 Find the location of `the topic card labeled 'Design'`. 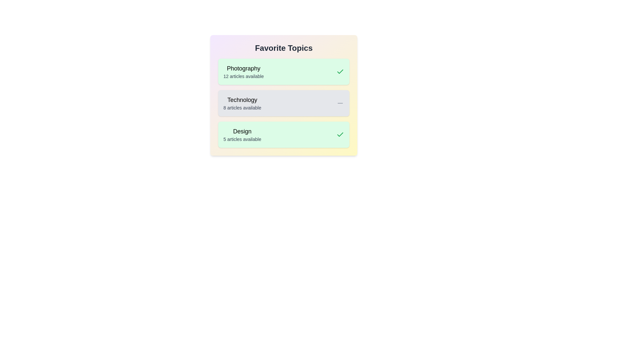

the topic card labeled 'Design' is located at coordinates (283, 134).